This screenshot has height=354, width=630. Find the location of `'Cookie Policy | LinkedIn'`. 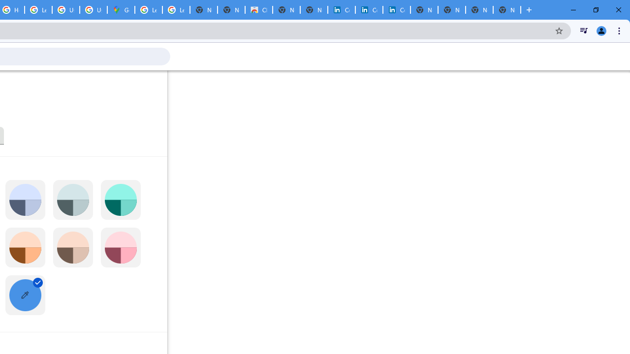

'Cookie Policy | LinkedIn' is located at coordinates (369, 10).